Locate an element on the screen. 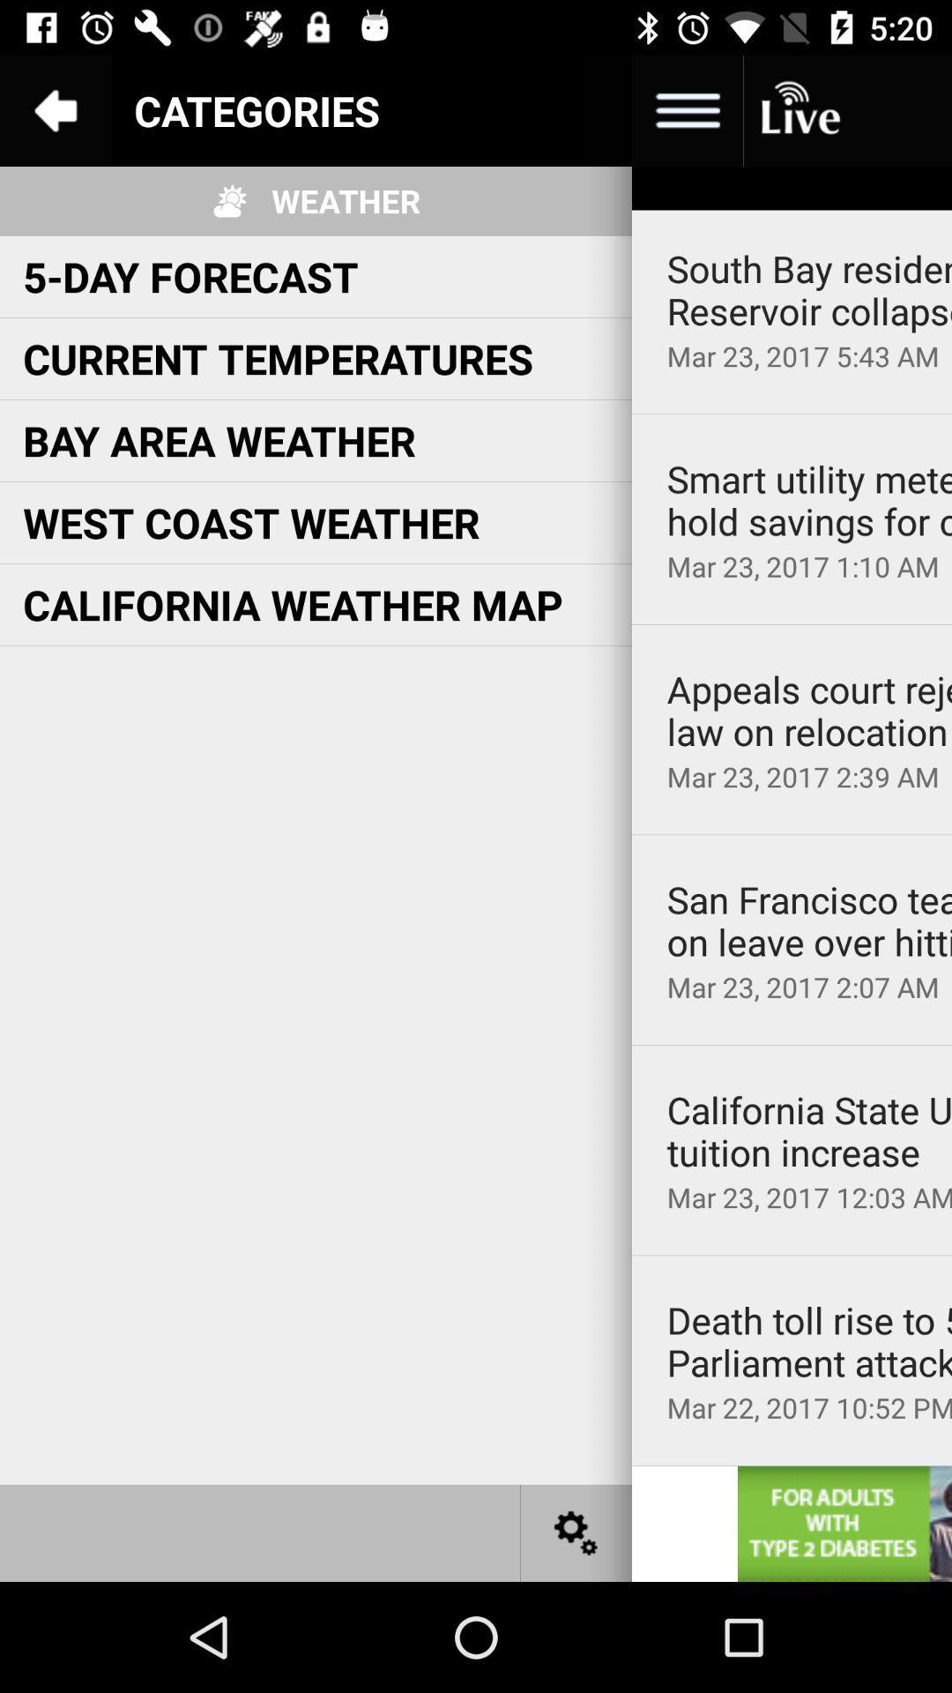 The height and width of the screenshot is (1693, 952). advertisement is located at coordinates (844, 1523).